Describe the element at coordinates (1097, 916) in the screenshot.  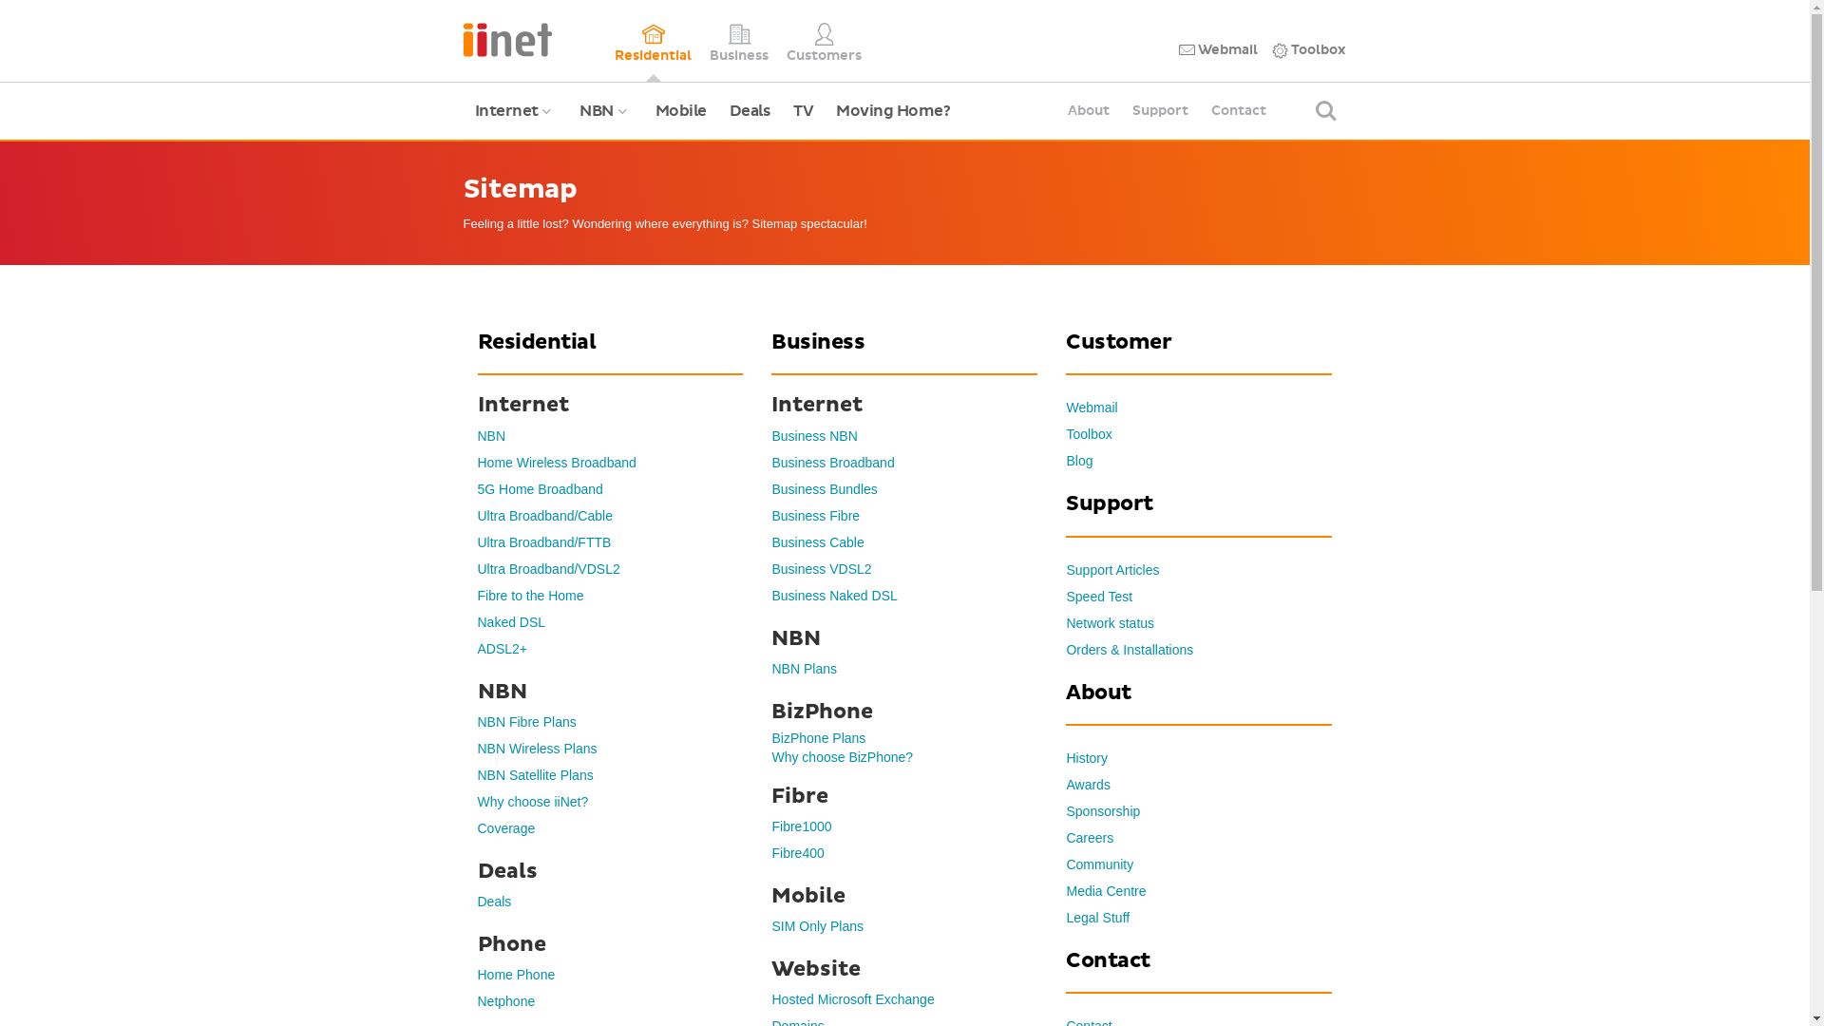
I see `'Legal Stuff'` at that location.